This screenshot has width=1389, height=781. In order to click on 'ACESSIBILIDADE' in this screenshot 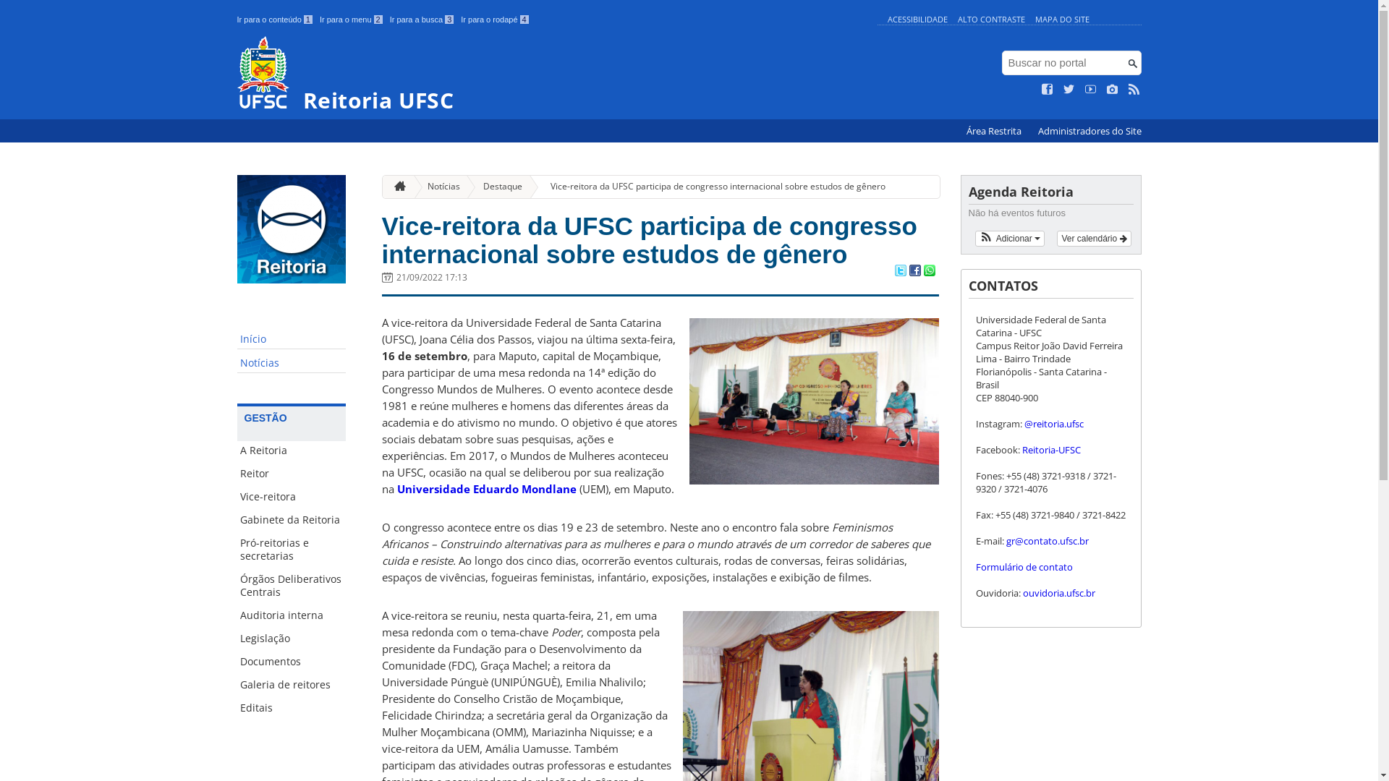, I will do `click(916, 19)`.